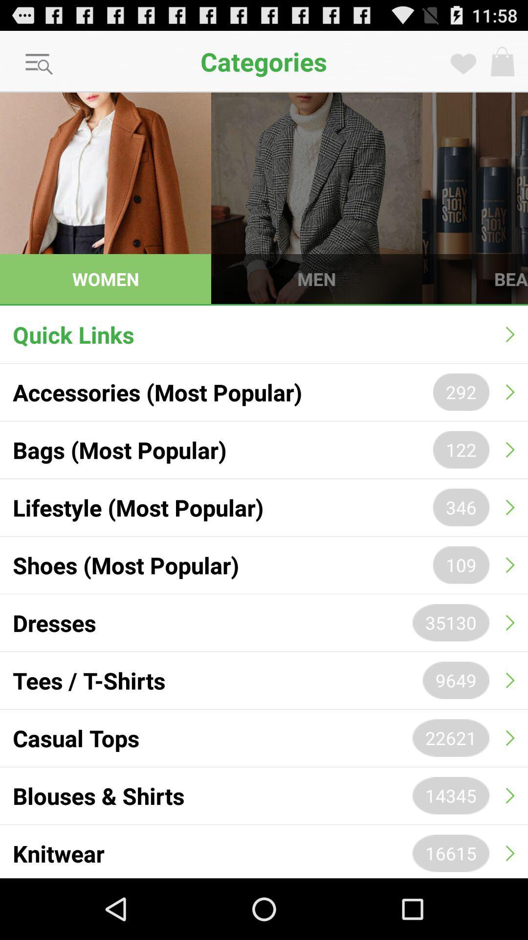 This screenshot has height=940, width=528. What do you see at coordinates (39, 64) in the screenshot?
I see `the search for categories` at bounding box center [39, 64].